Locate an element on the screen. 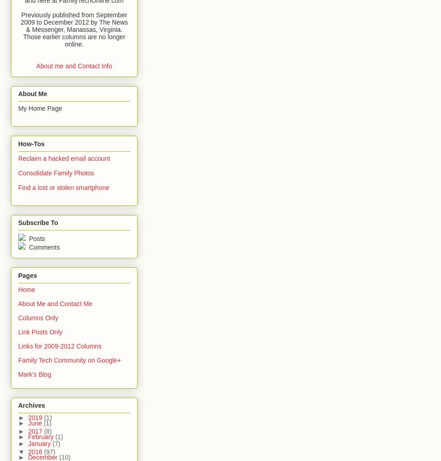 The image size is (441, 461). 'Pages' is located at coordinates (27, 274).